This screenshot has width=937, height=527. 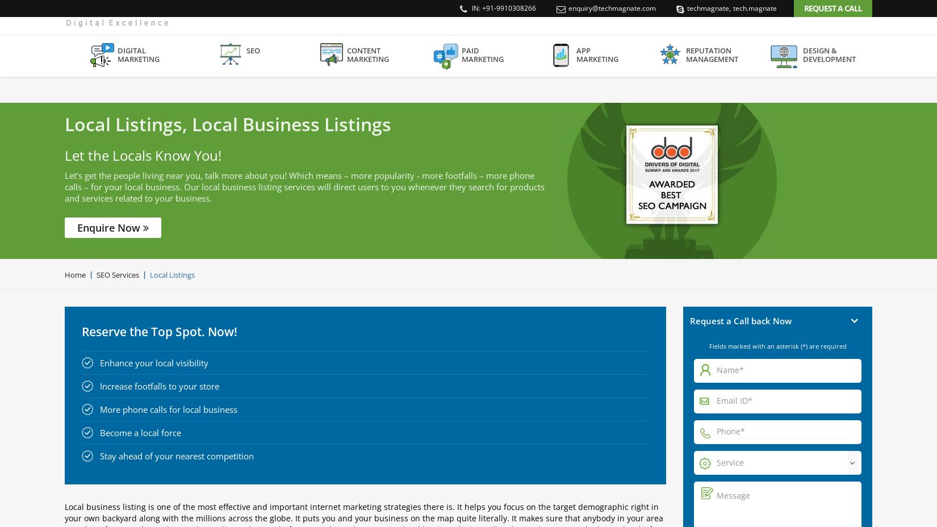 What do you see at coordinates (221, 214) in the screenshot?
I see `'Ecommerce SEO'` at bounding box center [221, 214].